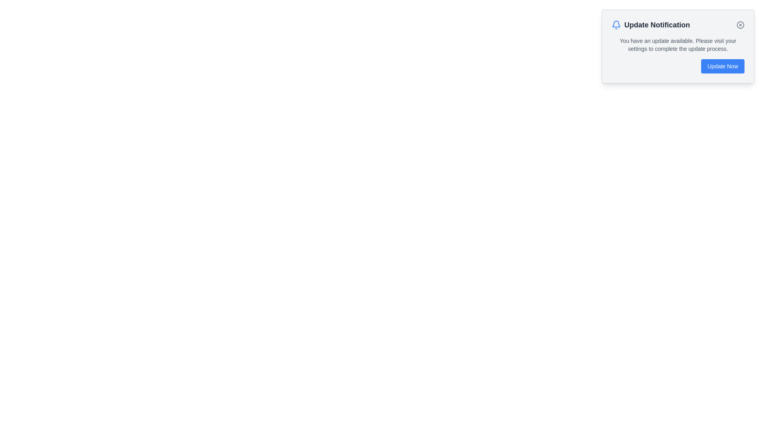  I want to click on the SVG Circle element located at the top-right corner of the notification box, which is part of an interactive visual icon for closing or dismissing elements, so click(740, 24).